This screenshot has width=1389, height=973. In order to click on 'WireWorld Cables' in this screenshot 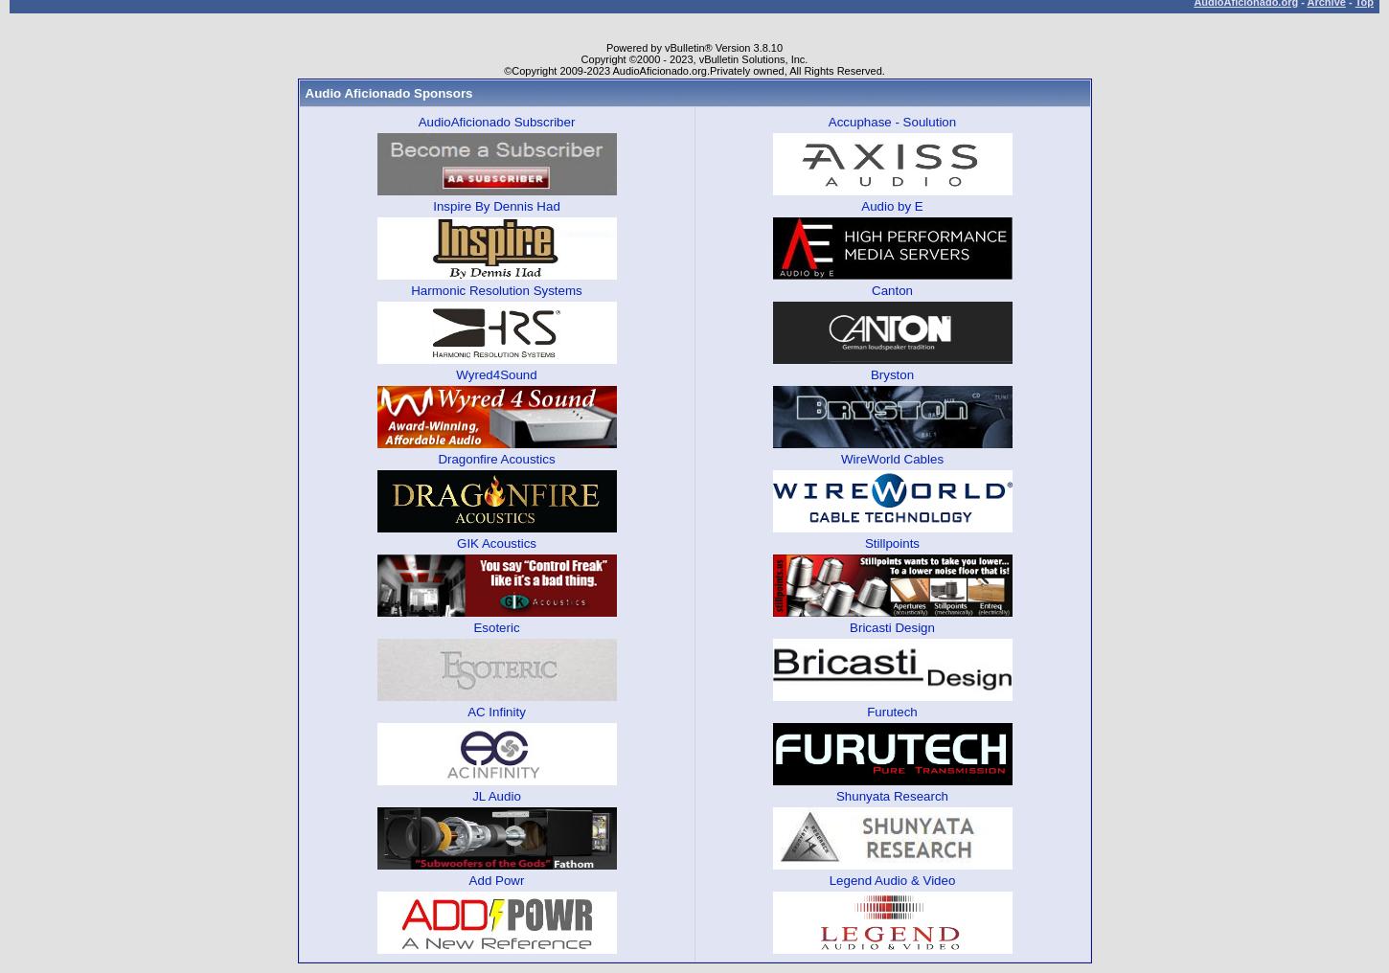, I will do `click(891, 458)`.